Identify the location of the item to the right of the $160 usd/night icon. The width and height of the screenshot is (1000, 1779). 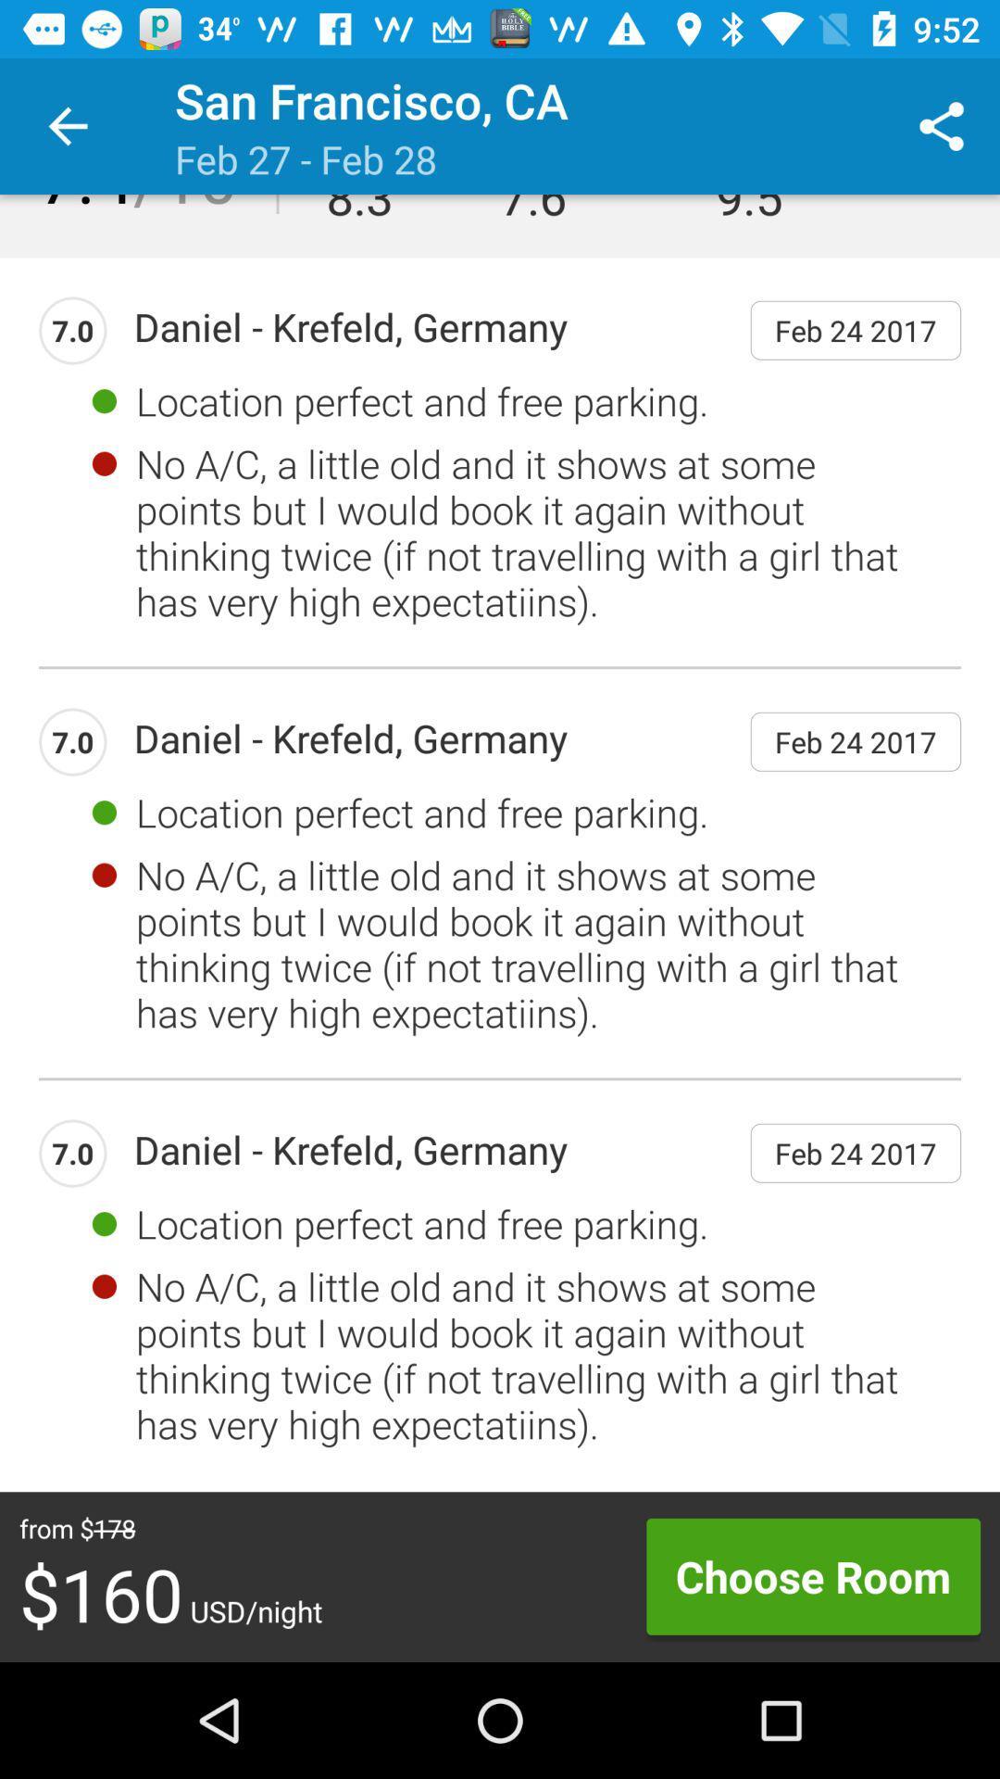
(812, 1575).